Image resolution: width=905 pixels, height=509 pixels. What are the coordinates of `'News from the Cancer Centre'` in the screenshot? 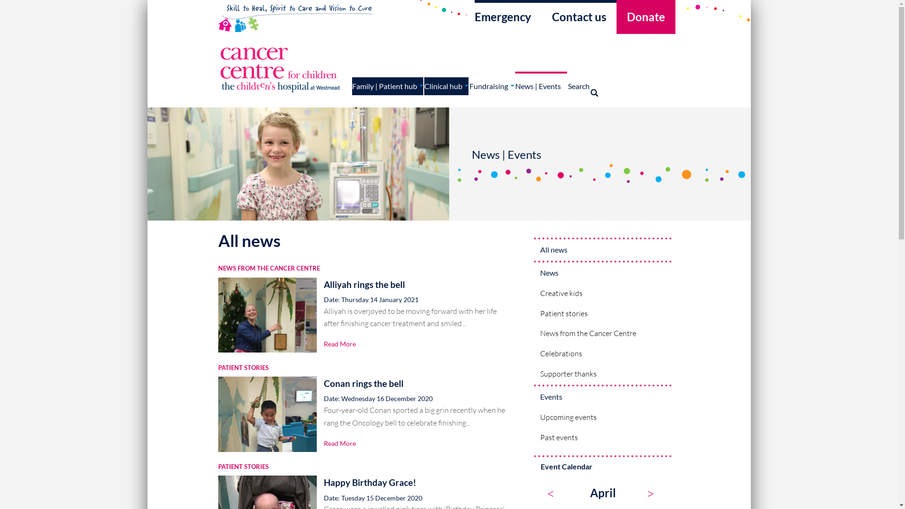 It's located at (533, 333).